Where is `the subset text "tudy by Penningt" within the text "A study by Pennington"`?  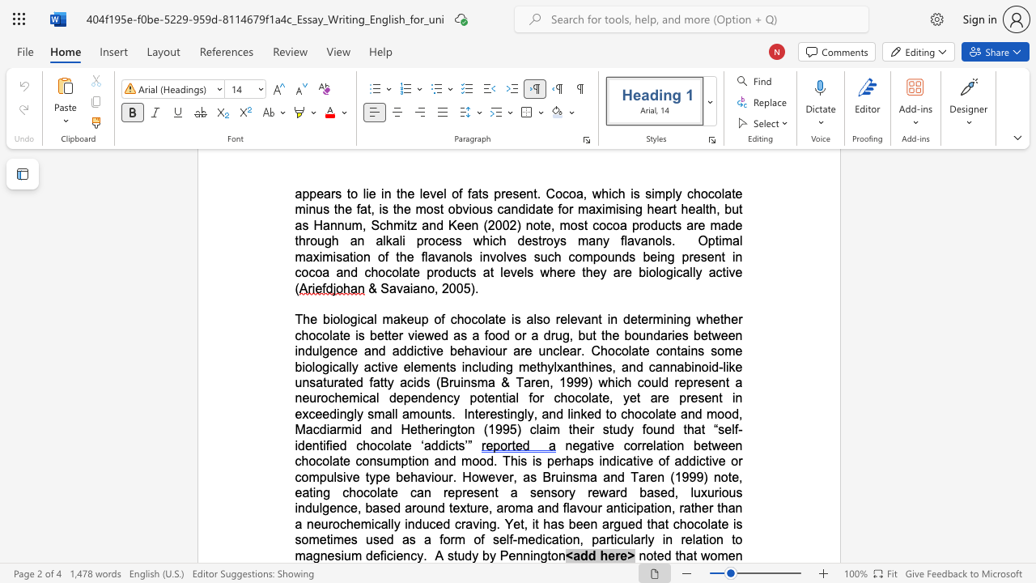
the subset text "tudy by Penningt" within the text "A study by Pennington" is located at coordinates (453, 555).